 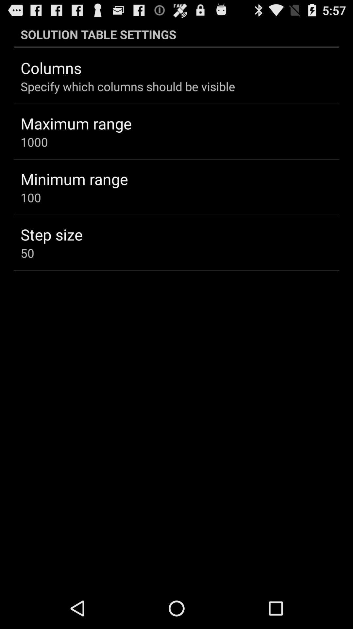 What do you see at coordinates (128, 86) in the screenshot?
I see `the specify which columns icon` at bounding box center [128, 86].